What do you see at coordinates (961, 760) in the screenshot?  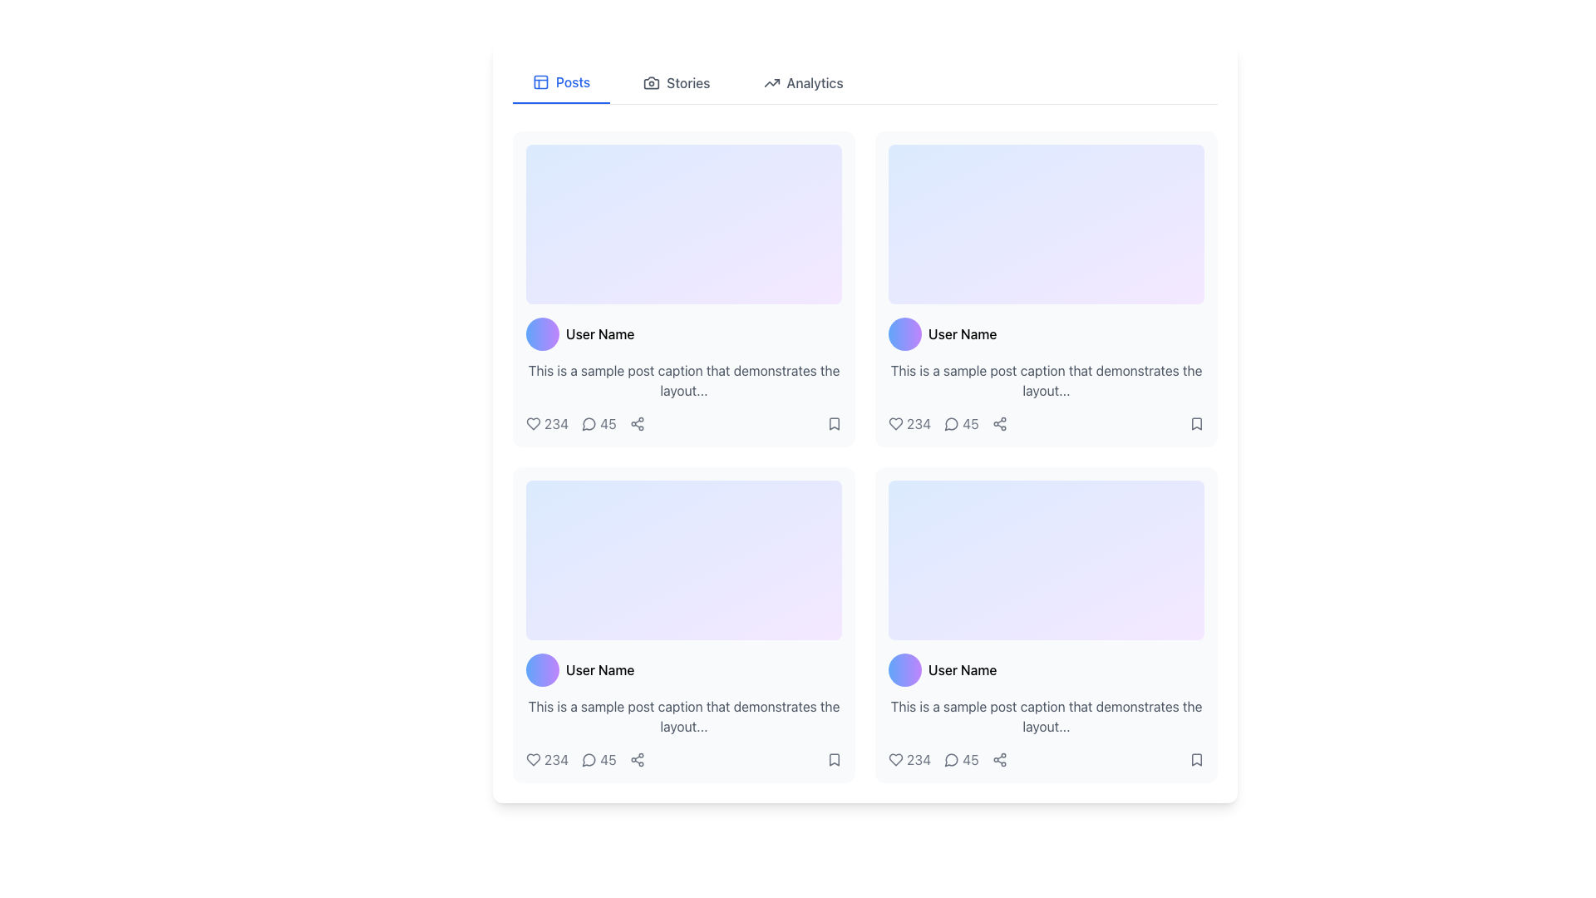 I see `the interactive numerical label representing the number of comments on the associated post` at bounding box center [961, 760].